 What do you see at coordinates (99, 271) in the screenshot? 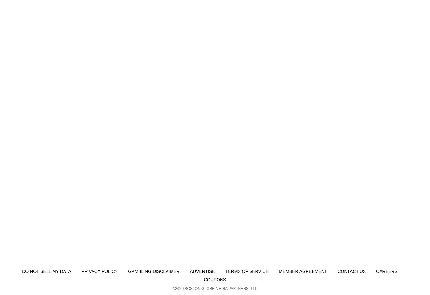
I see `'Privacy Policy'` at bounding box center [99, 271].